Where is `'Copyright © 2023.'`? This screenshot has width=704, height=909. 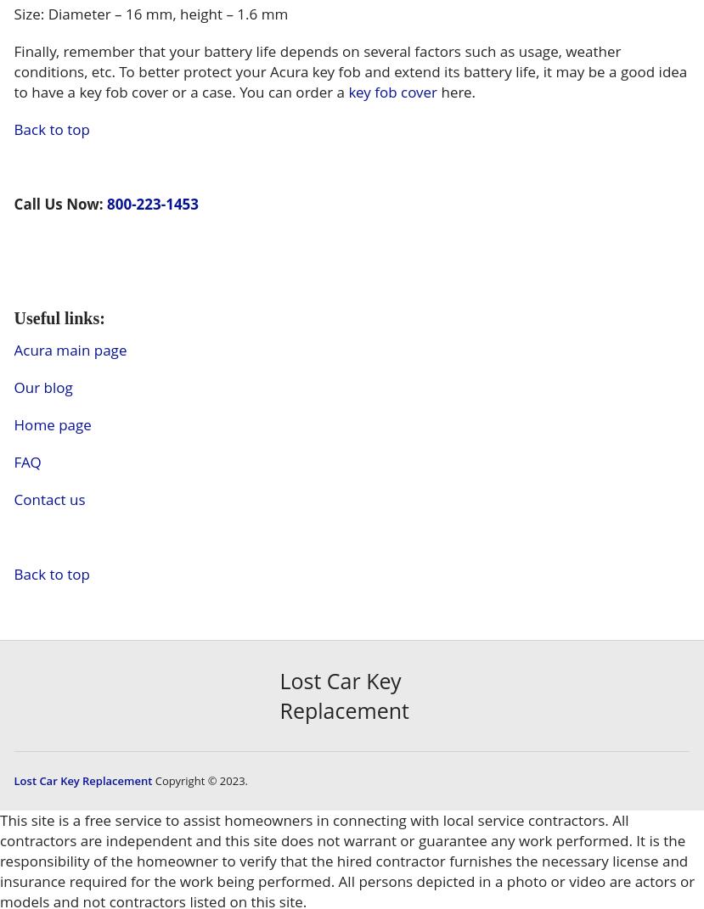 'Copyright © 2023.' is located at coordinates (200, 779).